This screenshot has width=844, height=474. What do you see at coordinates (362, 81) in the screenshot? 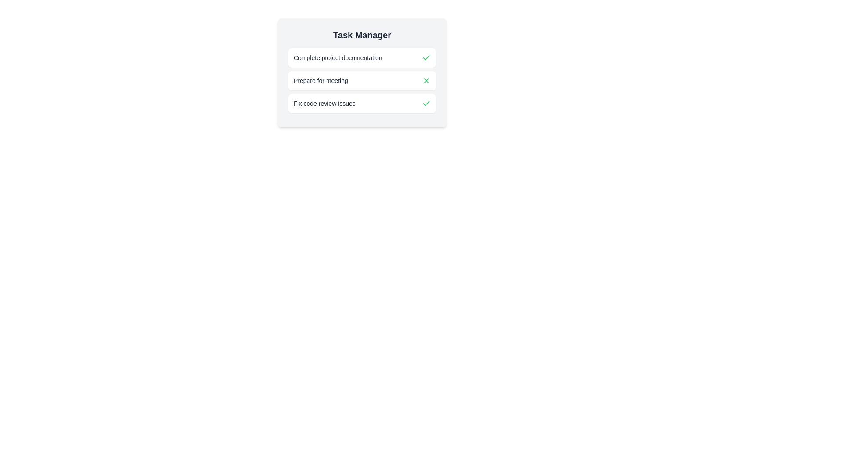
I see `the completed task labeled 'Prepare for meeting' in the task manager list` at bounding box center [362, 81].